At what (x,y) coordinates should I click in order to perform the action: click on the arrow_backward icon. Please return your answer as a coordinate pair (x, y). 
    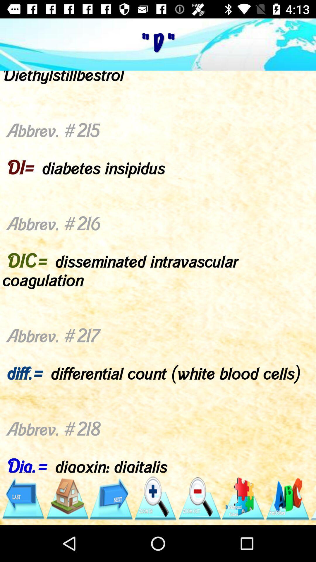
    Looking at the image, I should click on (23, 498).